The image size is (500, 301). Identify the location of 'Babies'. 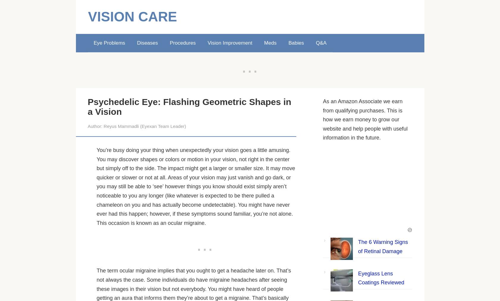
(288, 43).